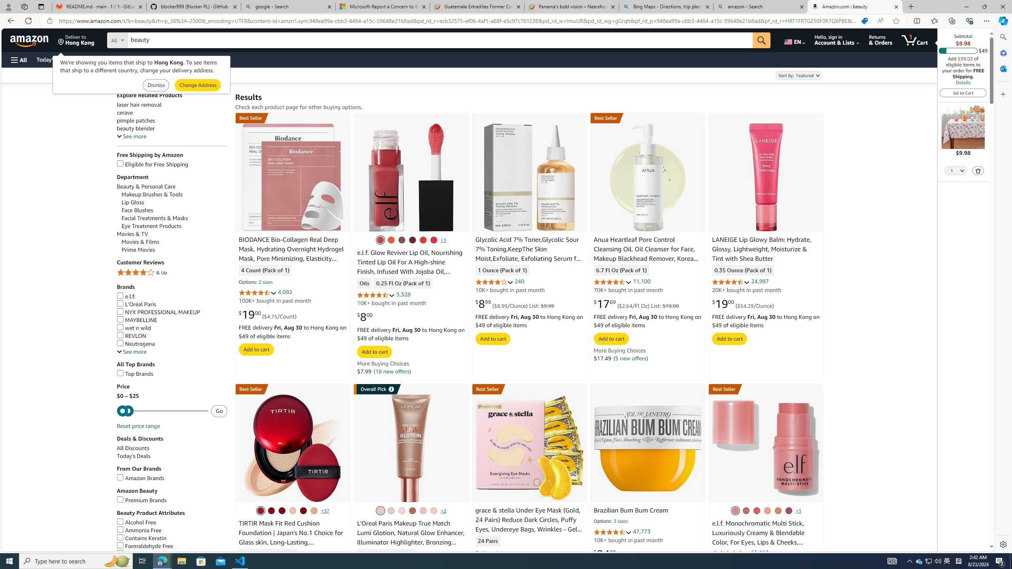 The height and width of the screenshot is (569, 1012). I want to click on 'REVLON', so click(131, 335).